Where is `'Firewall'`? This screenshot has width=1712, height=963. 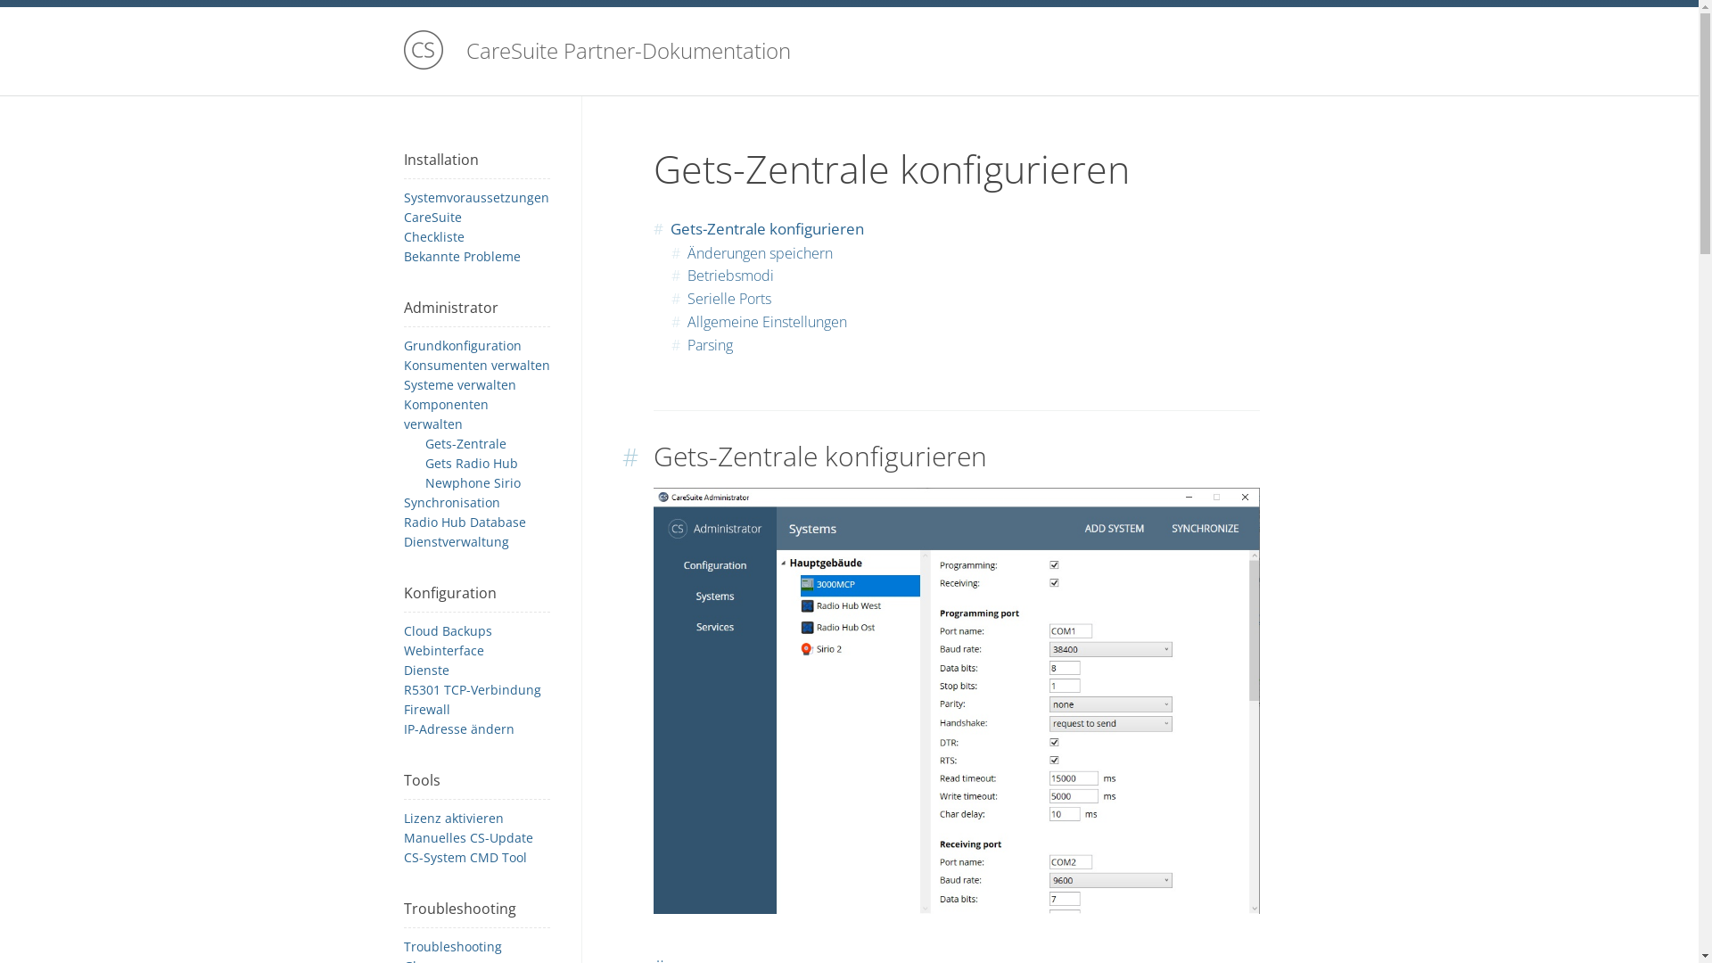
'Firewall' is located at coordinates (425, 708).